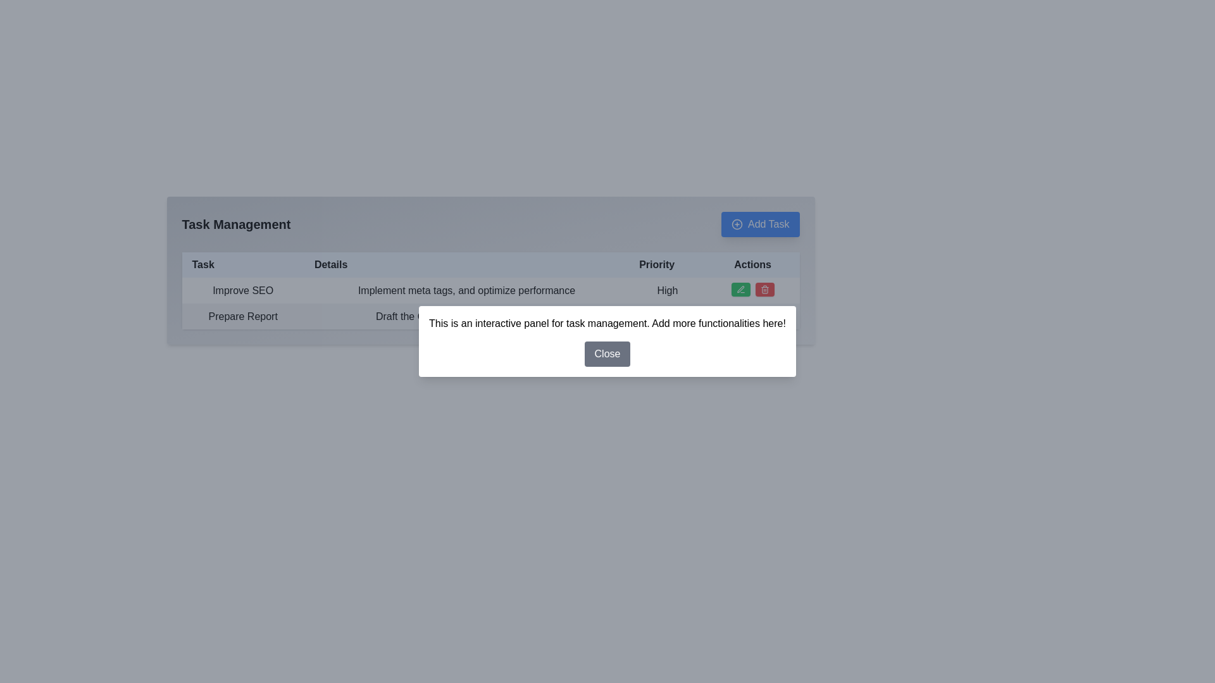  What do you see at coordinates (740, 290) in the screenshot?
I see `the 'Edit' button located in the 'Actions' column of the row for the task titled 'Improve SEO'` at bounding box center [740, 290].